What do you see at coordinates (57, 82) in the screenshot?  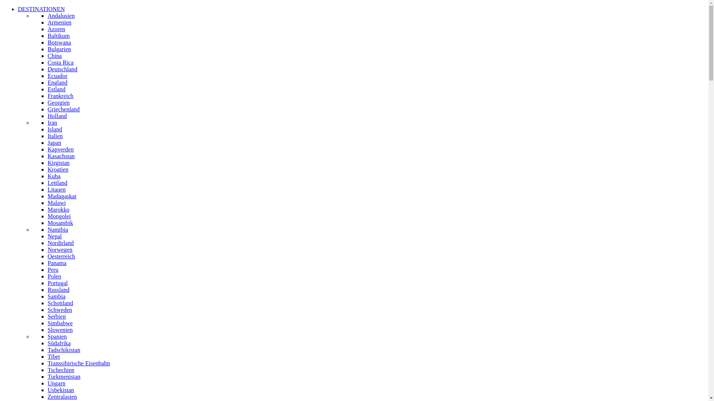 I see `'England'` at bounding box center [57, 82].